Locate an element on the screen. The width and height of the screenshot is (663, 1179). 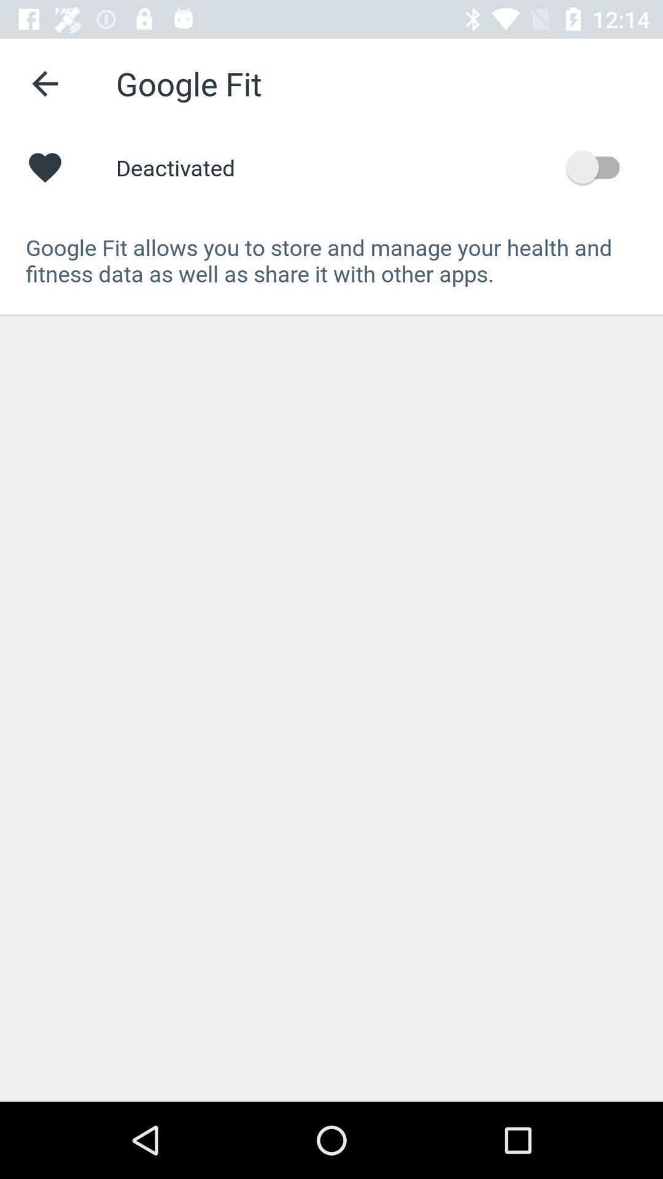
the item to the right of deactivated is located at coordinates (598, 166).